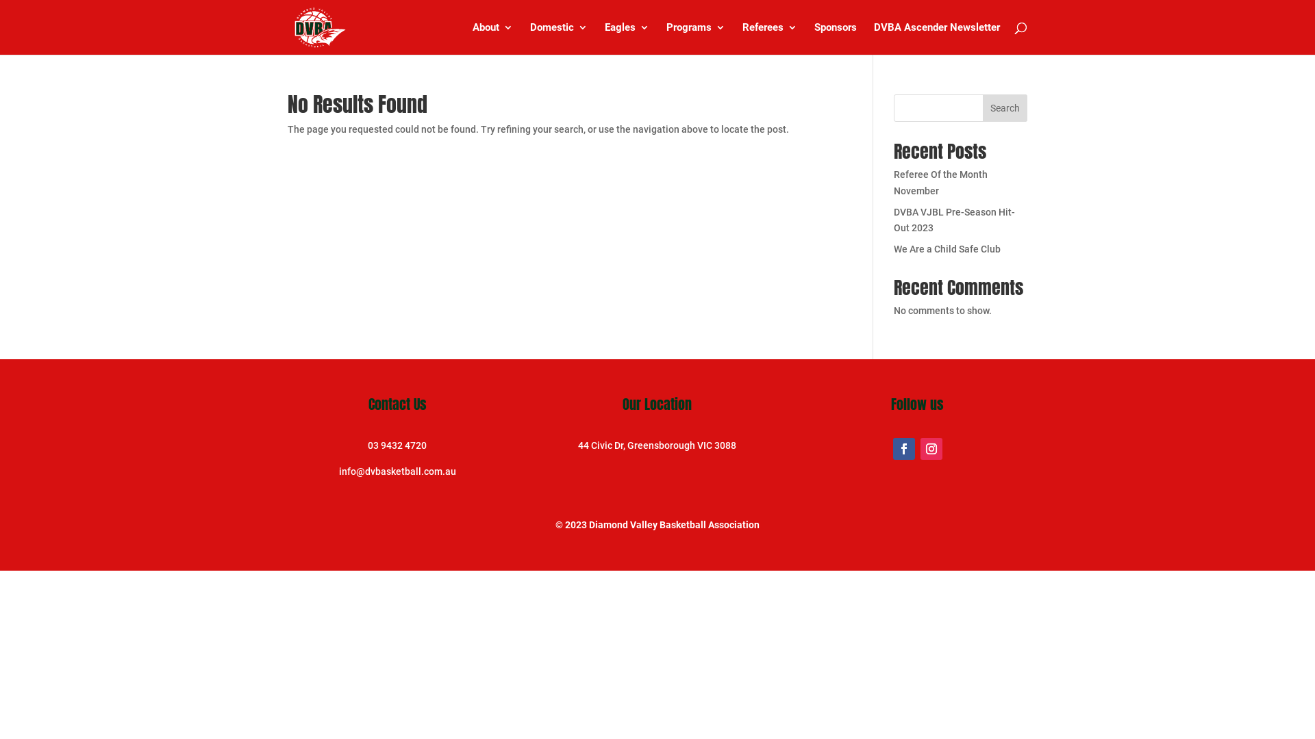 The height and width of the screenshot is (739, 1315). Describe the element at coordinates (626, 38) in the screenshot. I see `'Eagles'` at that location.